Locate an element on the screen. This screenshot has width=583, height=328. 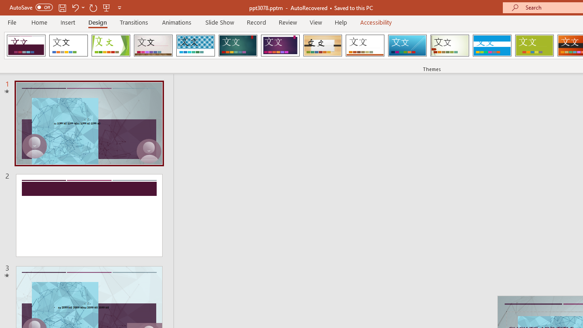
'Accessibility' is located at coordinates (376, 22).